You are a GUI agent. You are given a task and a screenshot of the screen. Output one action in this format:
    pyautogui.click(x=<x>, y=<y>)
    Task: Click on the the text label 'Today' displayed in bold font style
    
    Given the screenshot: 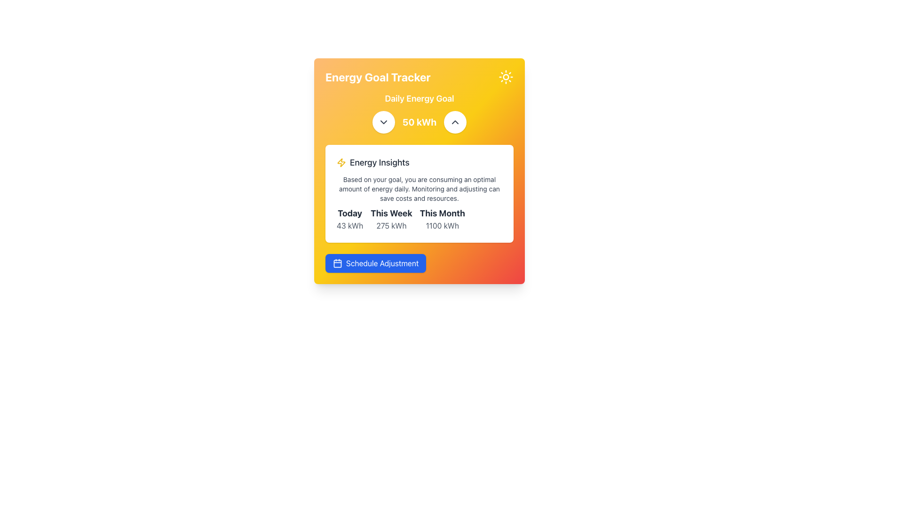 What is the action you would take?
    pyautogui.click(x=349, y=214)
    